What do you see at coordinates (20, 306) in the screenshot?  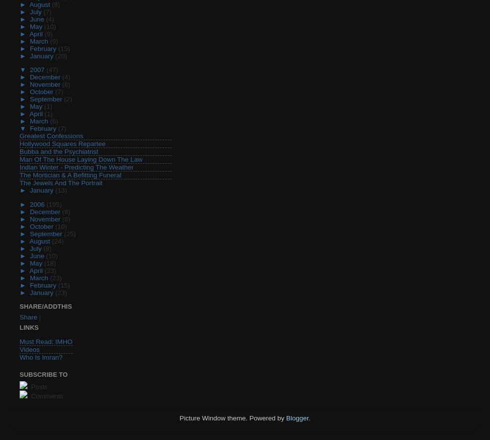 I see `'Share/AddThis'` at bounding box center [20, 306].